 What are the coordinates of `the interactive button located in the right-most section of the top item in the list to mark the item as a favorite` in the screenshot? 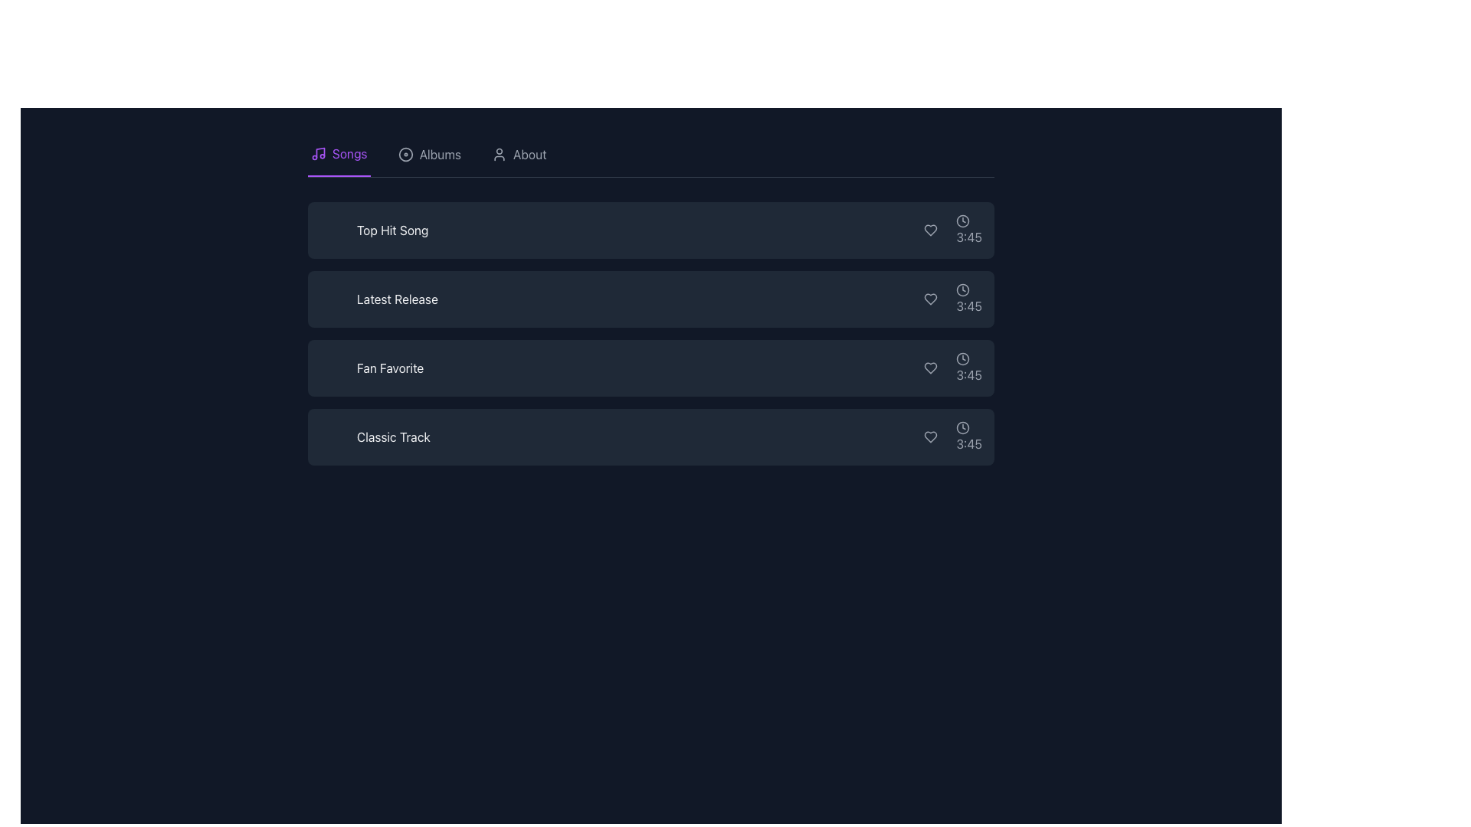 It's located at (930, 230).